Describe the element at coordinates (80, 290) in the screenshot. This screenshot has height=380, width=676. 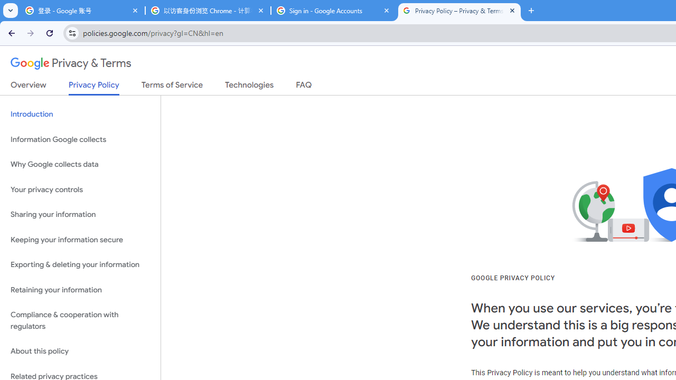
I see `'Retaining your information'` at that location.